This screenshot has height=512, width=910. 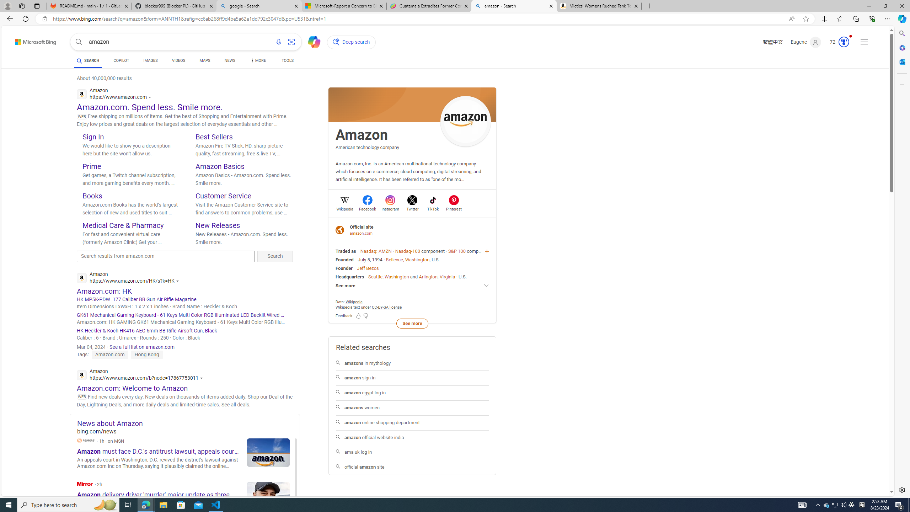 What do you see at coordinates (202, 378) in the screenshot?
I see `'Actions for this site'` at bounding box center [202, 378].